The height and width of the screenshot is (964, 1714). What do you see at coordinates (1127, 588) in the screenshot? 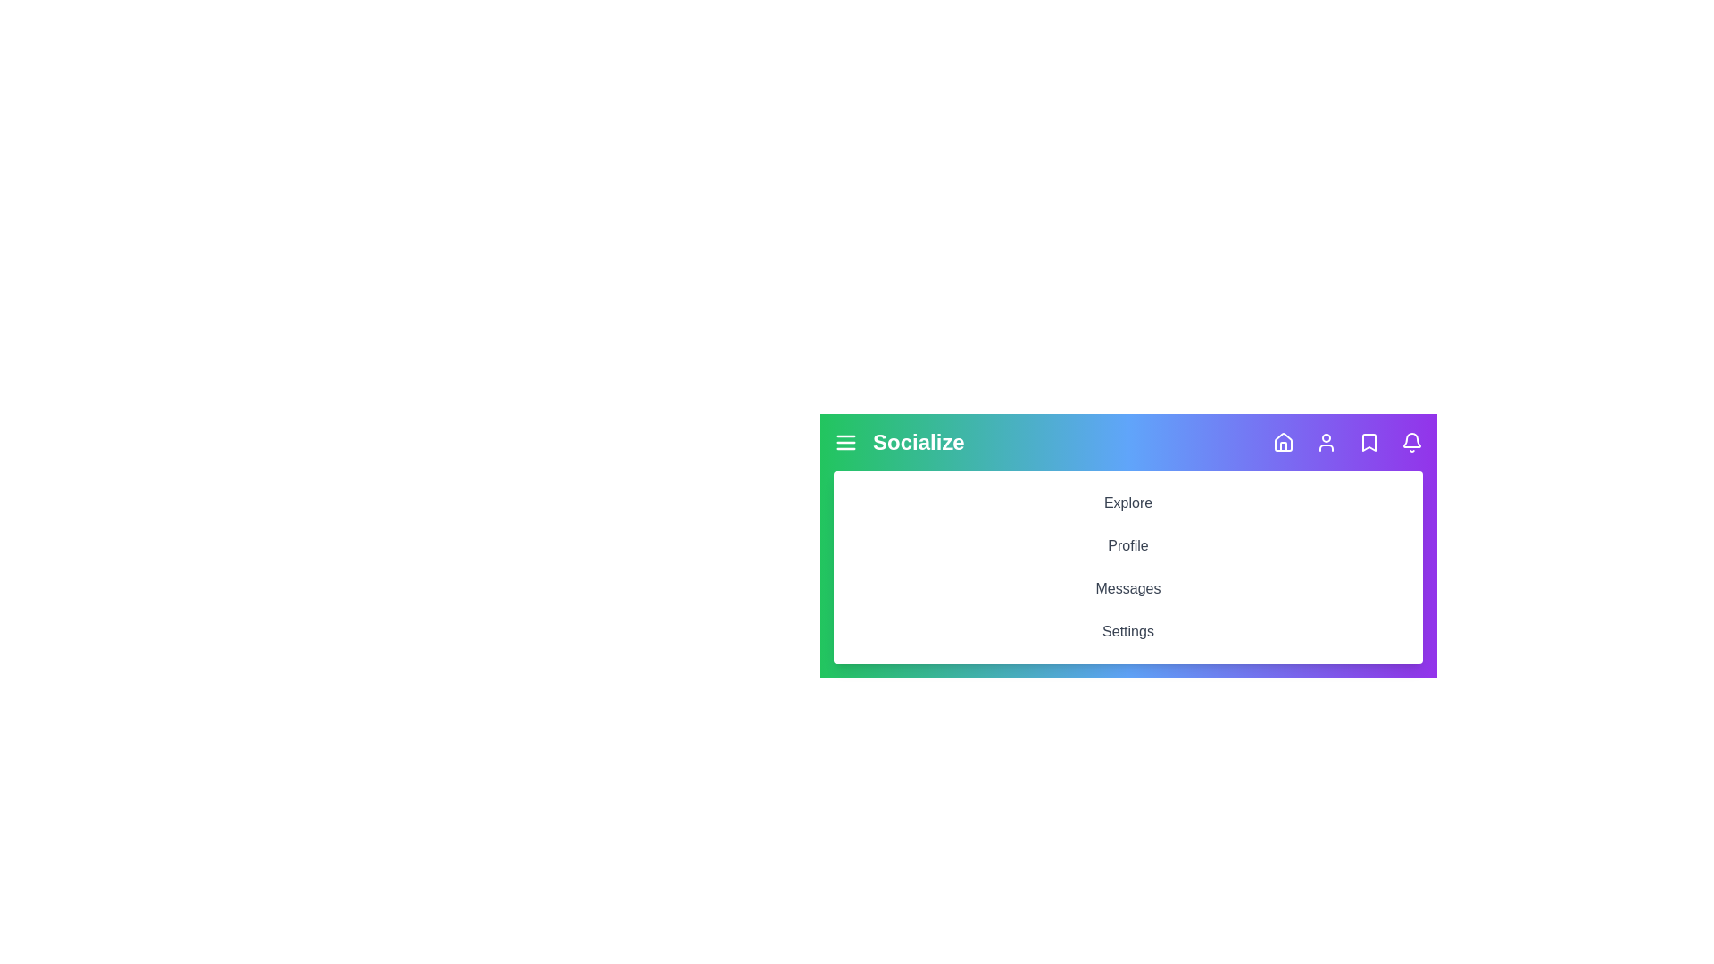
I see `the menu item Messages` at bounding box center [1127, 588].